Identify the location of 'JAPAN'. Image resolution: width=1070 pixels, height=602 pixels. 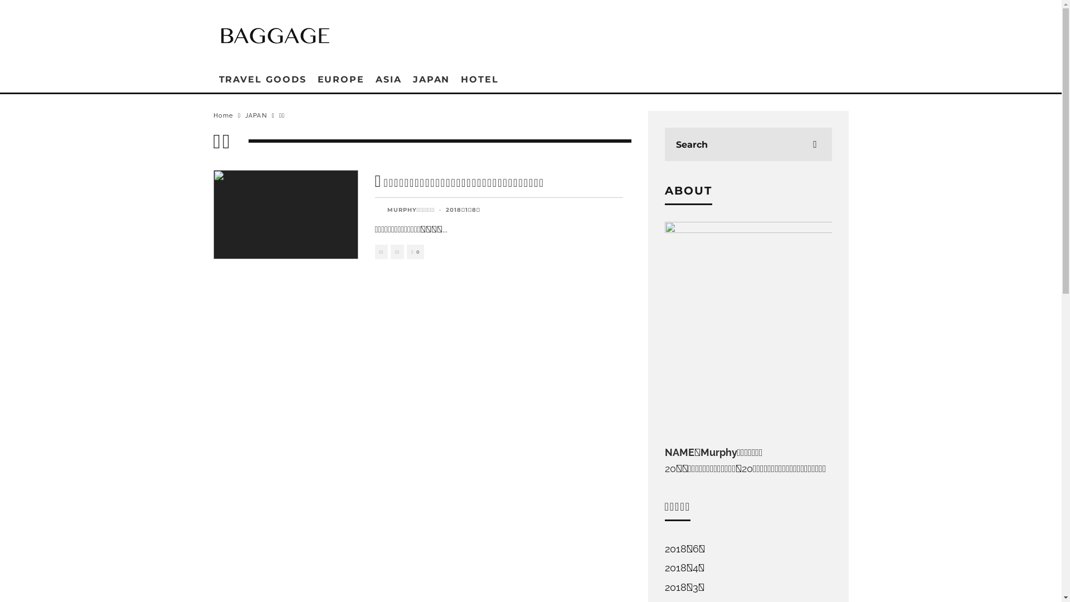
(431, 79).